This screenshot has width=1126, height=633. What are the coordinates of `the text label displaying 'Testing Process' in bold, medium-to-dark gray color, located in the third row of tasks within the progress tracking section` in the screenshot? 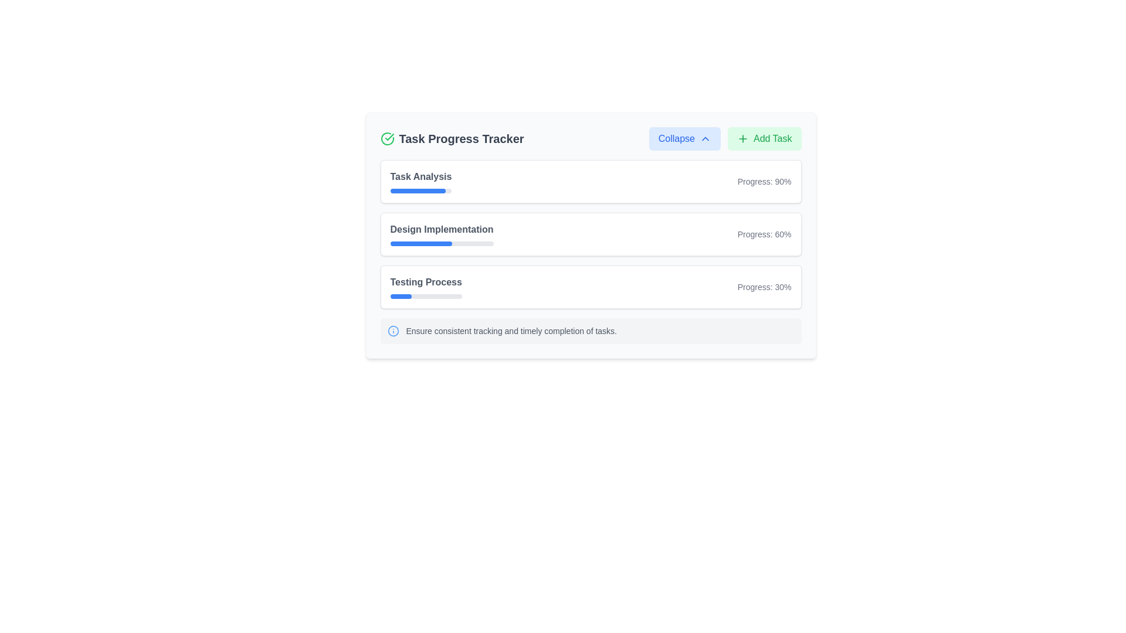 It's located at (425, 283).